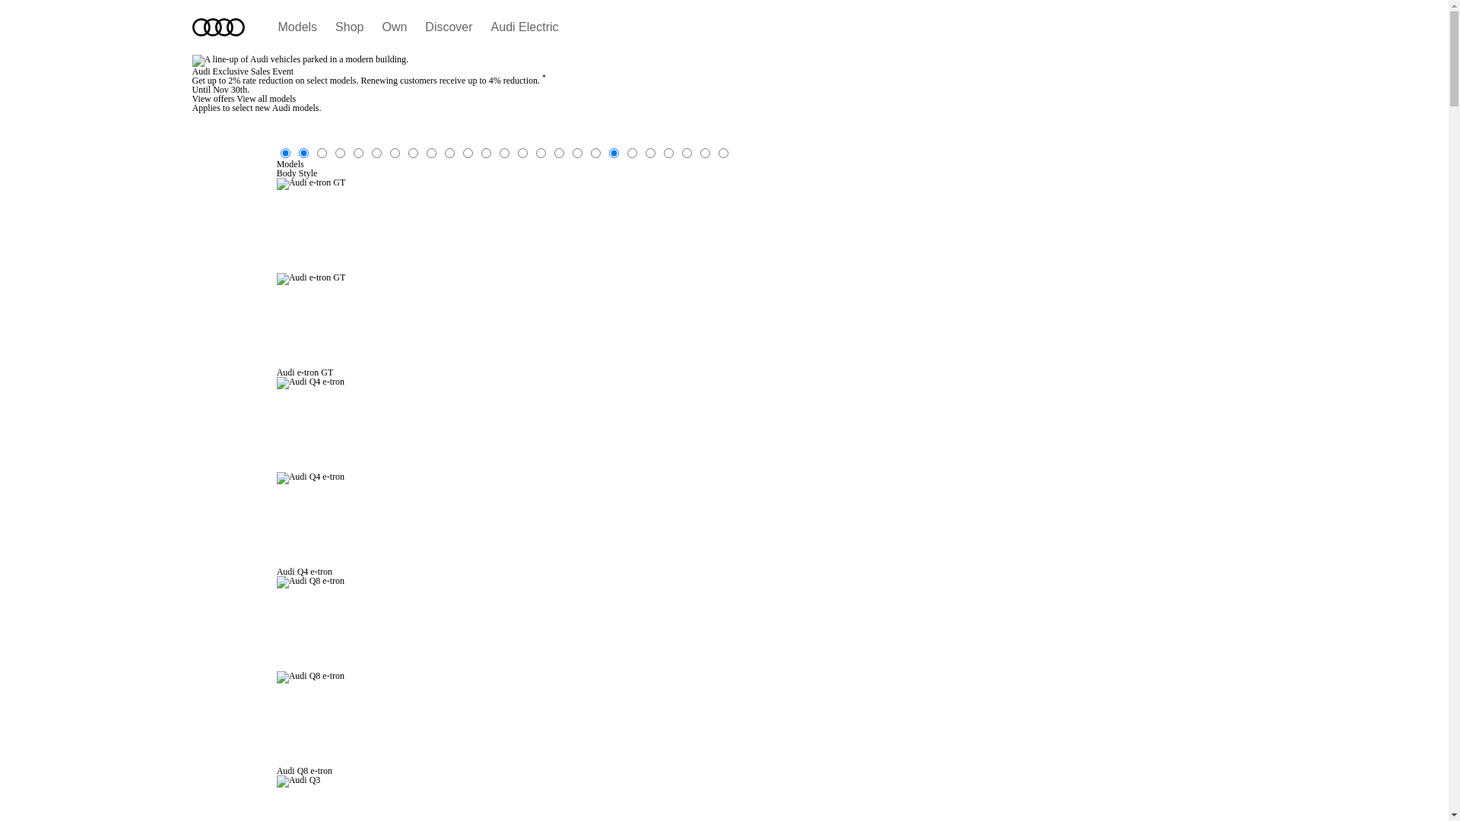 The image size is (1460, 821). What do you see at coordinates (266, 99) in the screenshot?
I see `'View all models'` at bounding box center [266, 99].